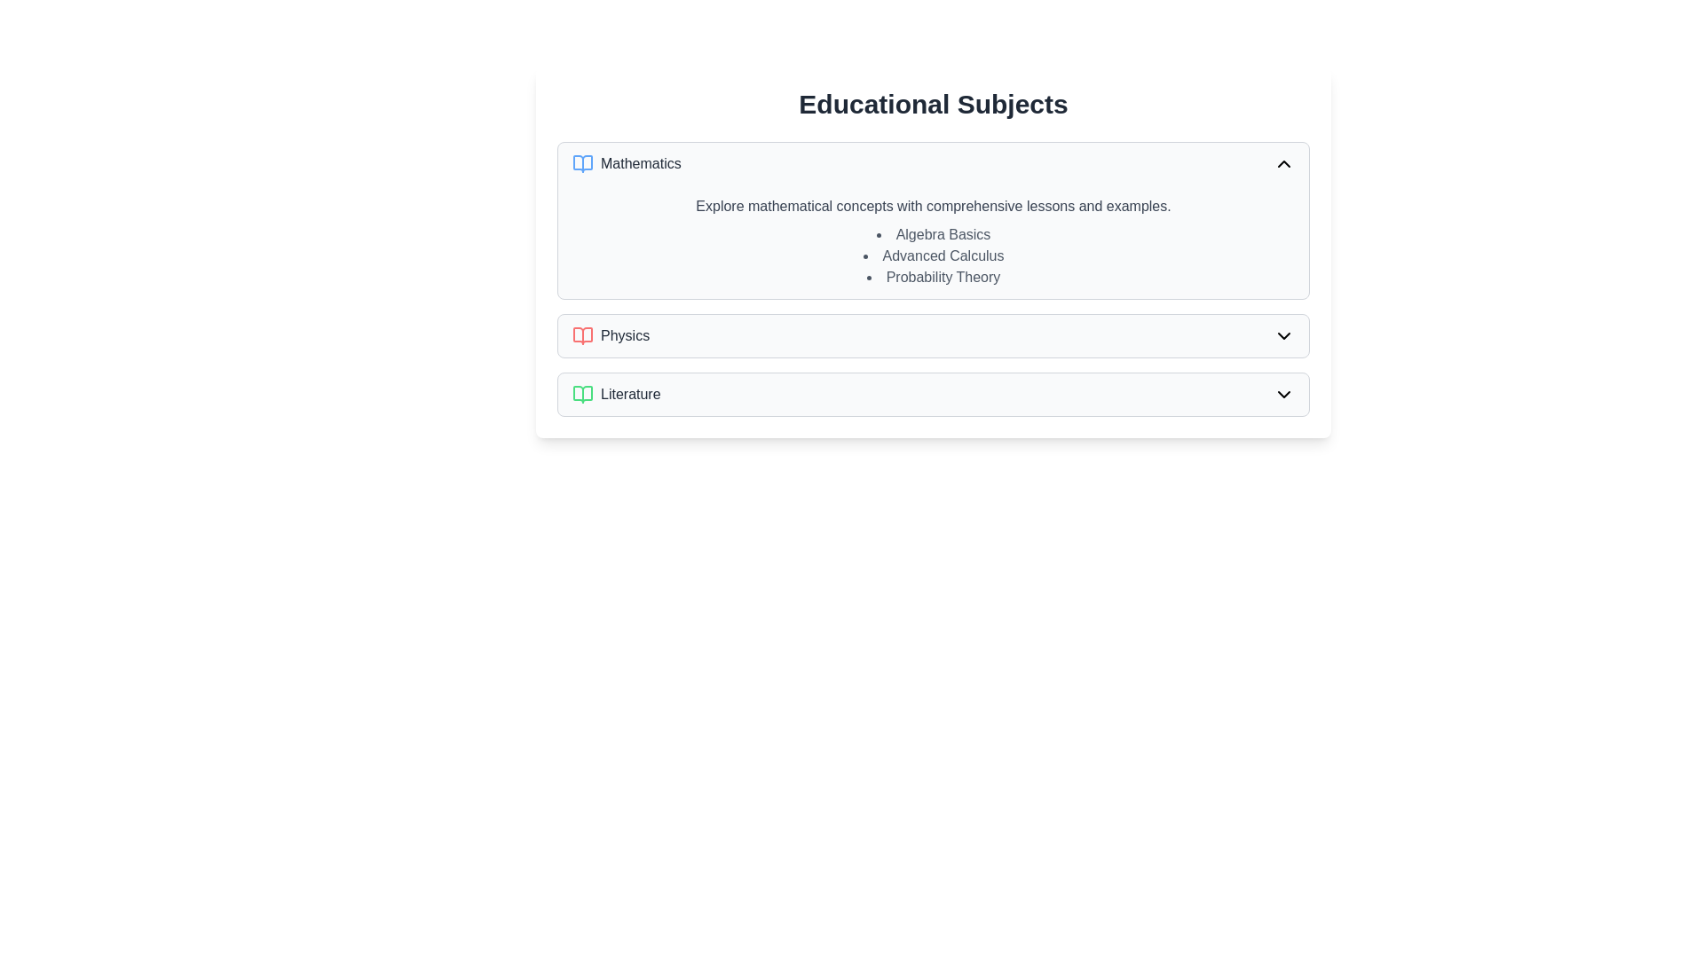 Image resolution: width=1704 pixels, height=958 pixels. Describe the element at coordinates (932, 256) in the screenshot. I see `the static text label displaying the title of 'Advanced Calculus' in the Mathematics section, which is the second item in a three-item bulleted list` at that location.